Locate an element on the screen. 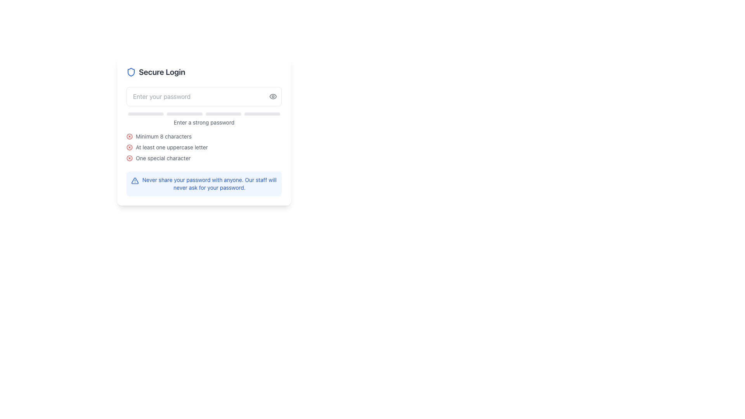 The width and height of the screenshot is (745, 419). the informational text that reads 'Minimum 8 characters', which is styled in gray and located below the password input field in the password requirement guidelines is located at coordinates (163, 136).